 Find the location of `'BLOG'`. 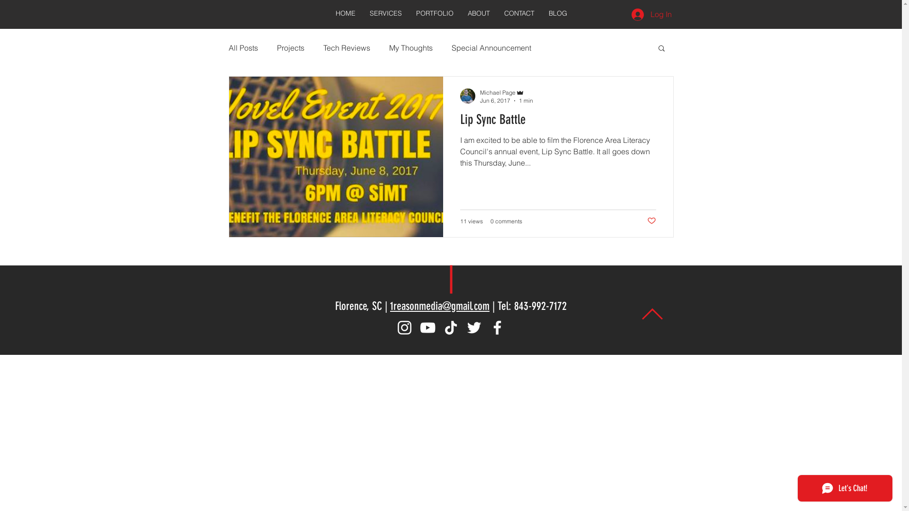

'BLOG' is located at coordinates (541, 13).